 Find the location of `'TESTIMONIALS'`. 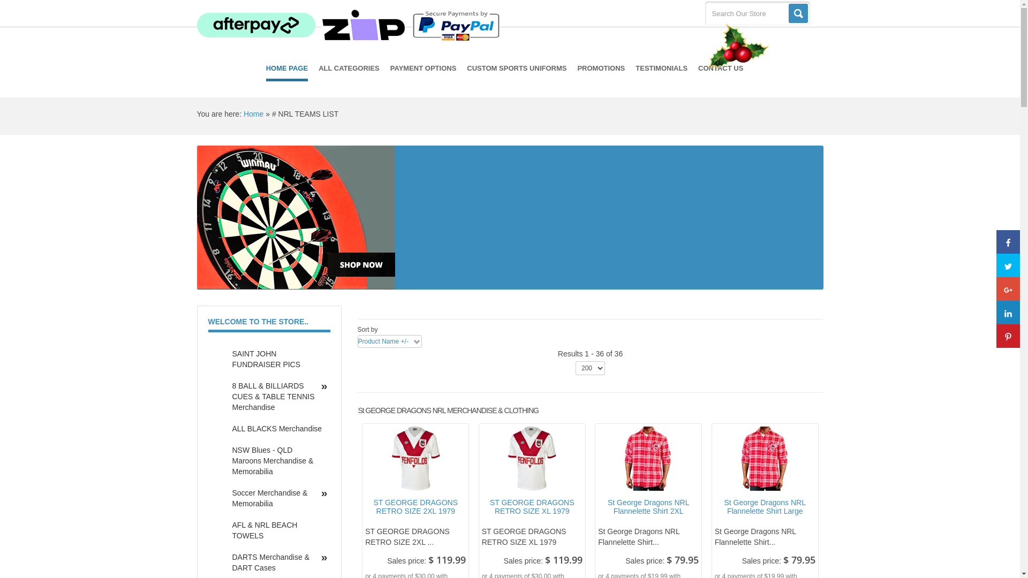

'TESTIMONIALS' is located at coordinates (661, 68).